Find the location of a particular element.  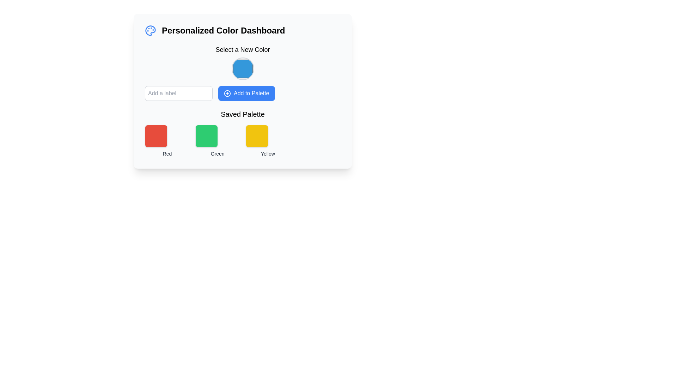

the delete button in the top-right corner of the 'Yellow' palette item to change its color to red is located at coordinates (285, 129).